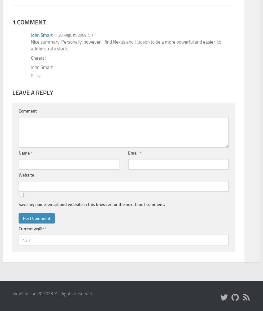  What do you see at coordinates (17, 73) in the screenshot?
I see `'Tags:'` at bounding box center [17, 73].